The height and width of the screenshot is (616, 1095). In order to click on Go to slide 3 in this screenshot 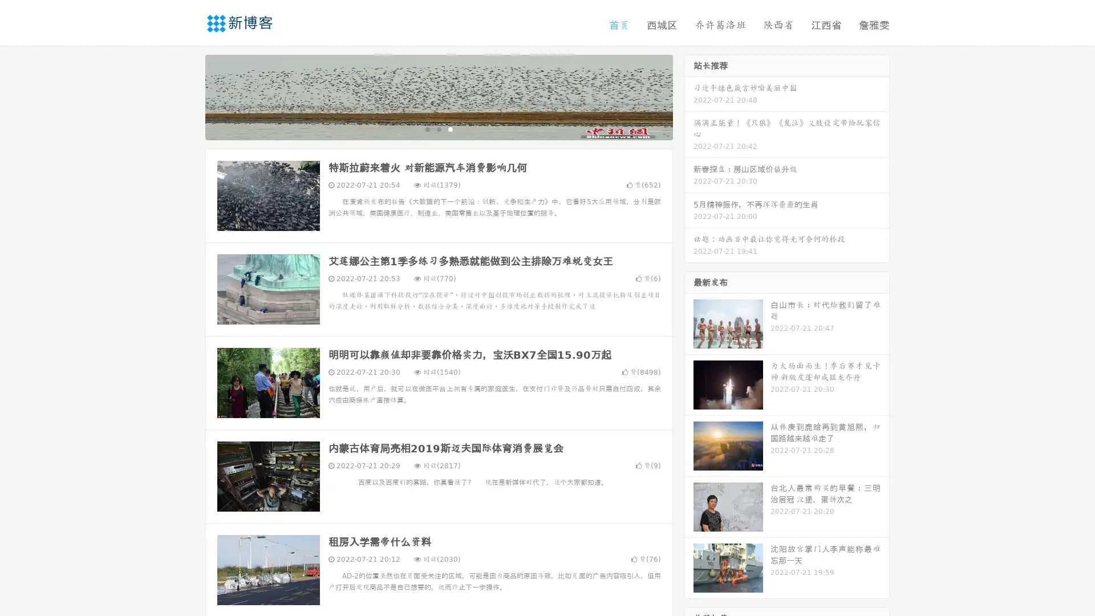, I will do `click(450, 128)`.